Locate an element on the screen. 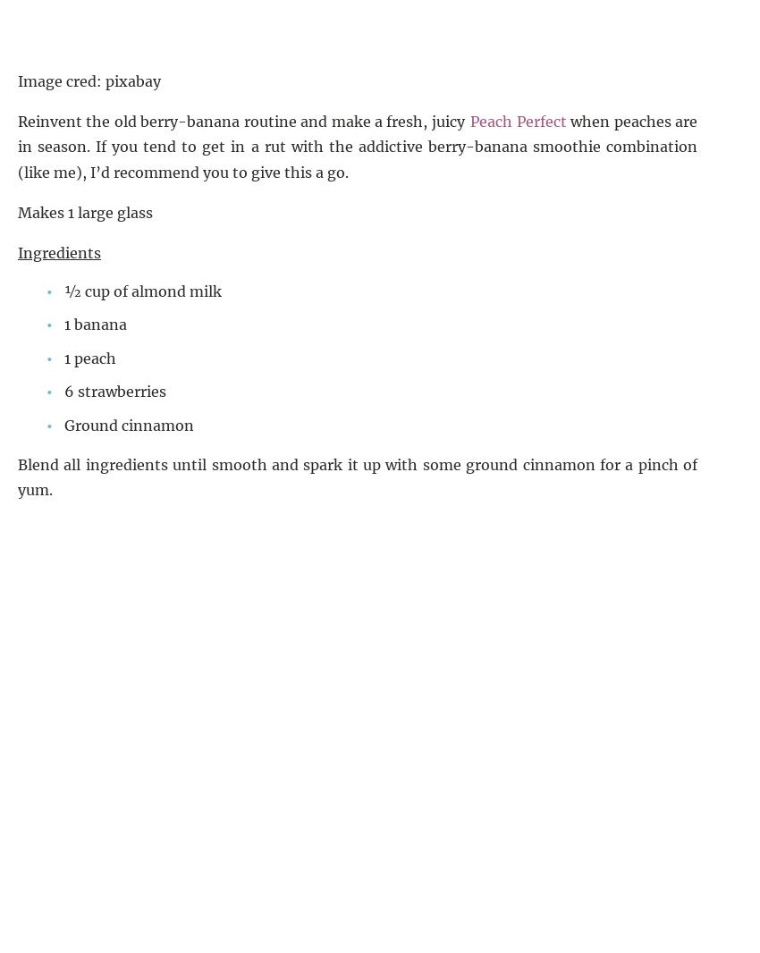 The image size is (760, 953). '1 banana' is located at coordinates (95, 324).